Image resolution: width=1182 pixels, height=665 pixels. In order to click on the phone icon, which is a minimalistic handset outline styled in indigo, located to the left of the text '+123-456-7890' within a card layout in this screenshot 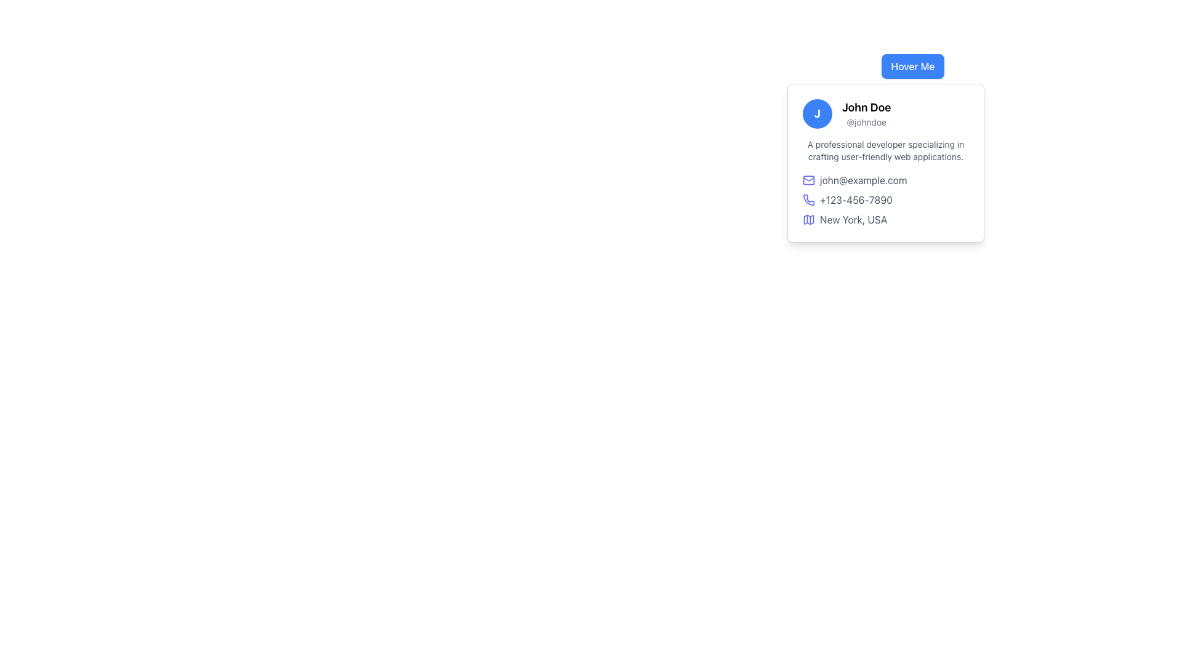, I will do `click(809, 199)`.